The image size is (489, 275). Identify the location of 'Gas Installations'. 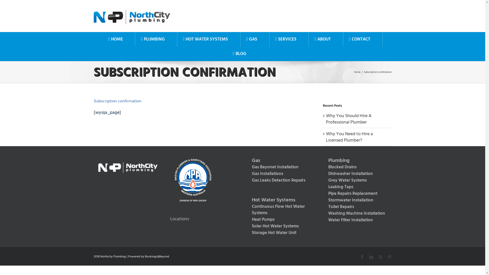
(280, 173).